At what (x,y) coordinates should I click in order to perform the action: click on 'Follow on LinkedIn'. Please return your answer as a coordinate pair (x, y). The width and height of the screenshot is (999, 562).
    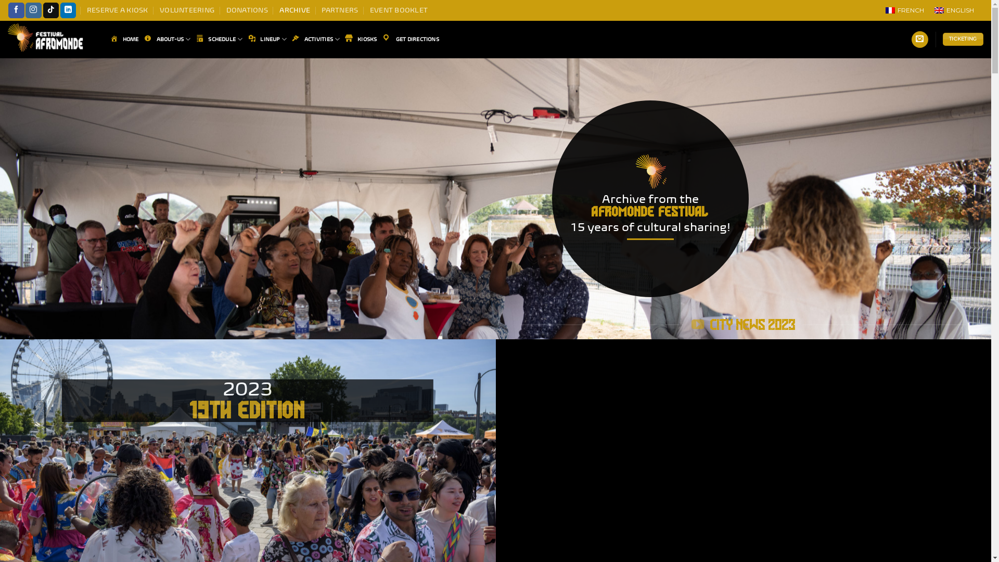
    Looking at the image, I should click on (59, 10).